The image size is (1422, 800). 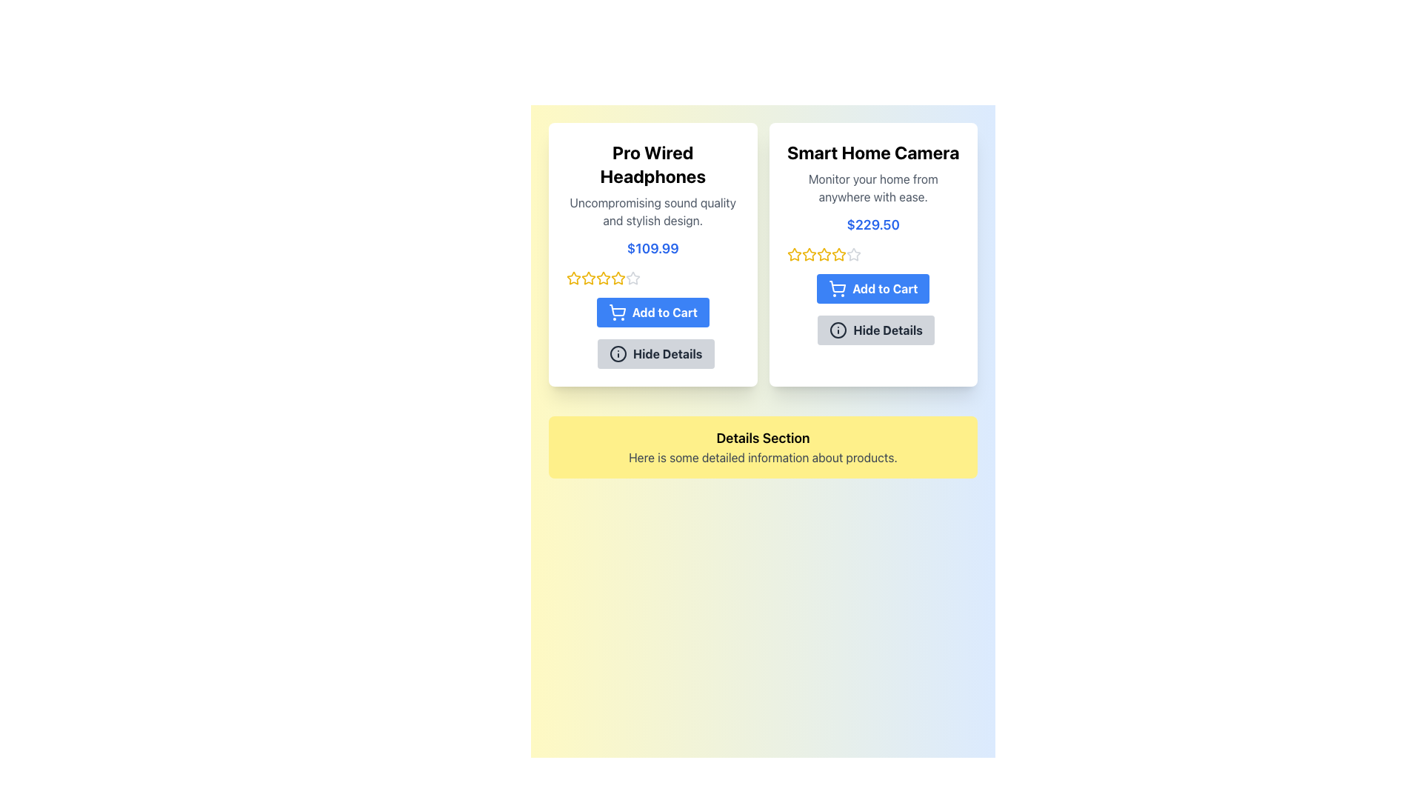 What do you see at coordinates (853, 253) in the screenshot?
I see `the fifth star icon below the title 'Smart Home Camera'` at bounding box center [853, 253].